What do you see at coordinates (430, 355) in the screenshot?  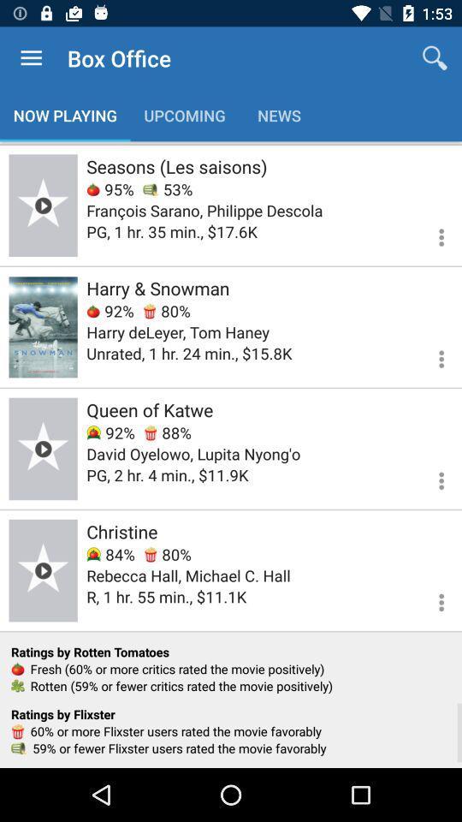 I see `see more information` at bounding box center [430, 355].